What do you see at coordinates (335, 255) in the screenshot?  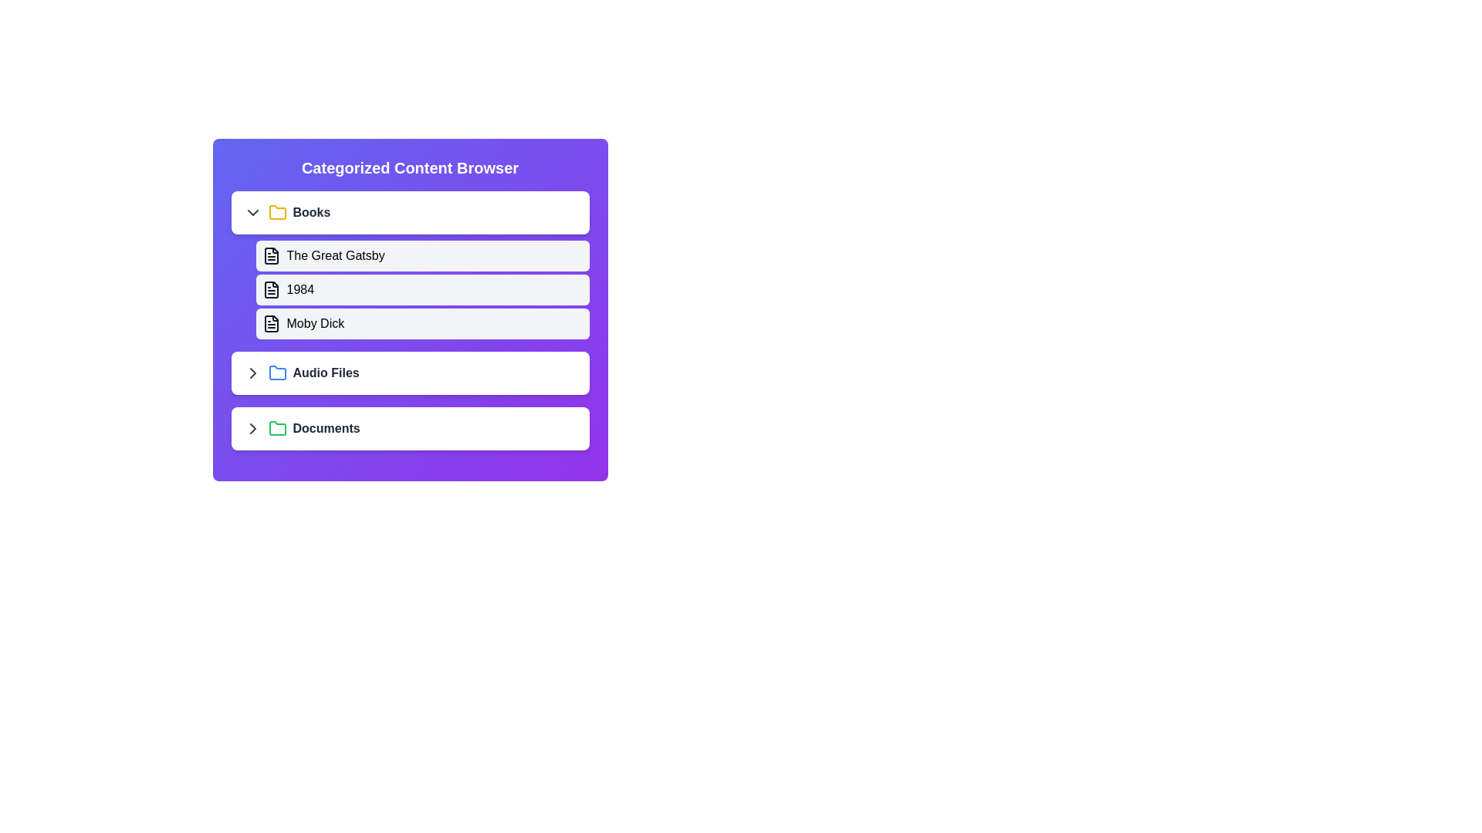 I see `the text The Great Gatsby displayed in the component` at bounding box center [335, 255].